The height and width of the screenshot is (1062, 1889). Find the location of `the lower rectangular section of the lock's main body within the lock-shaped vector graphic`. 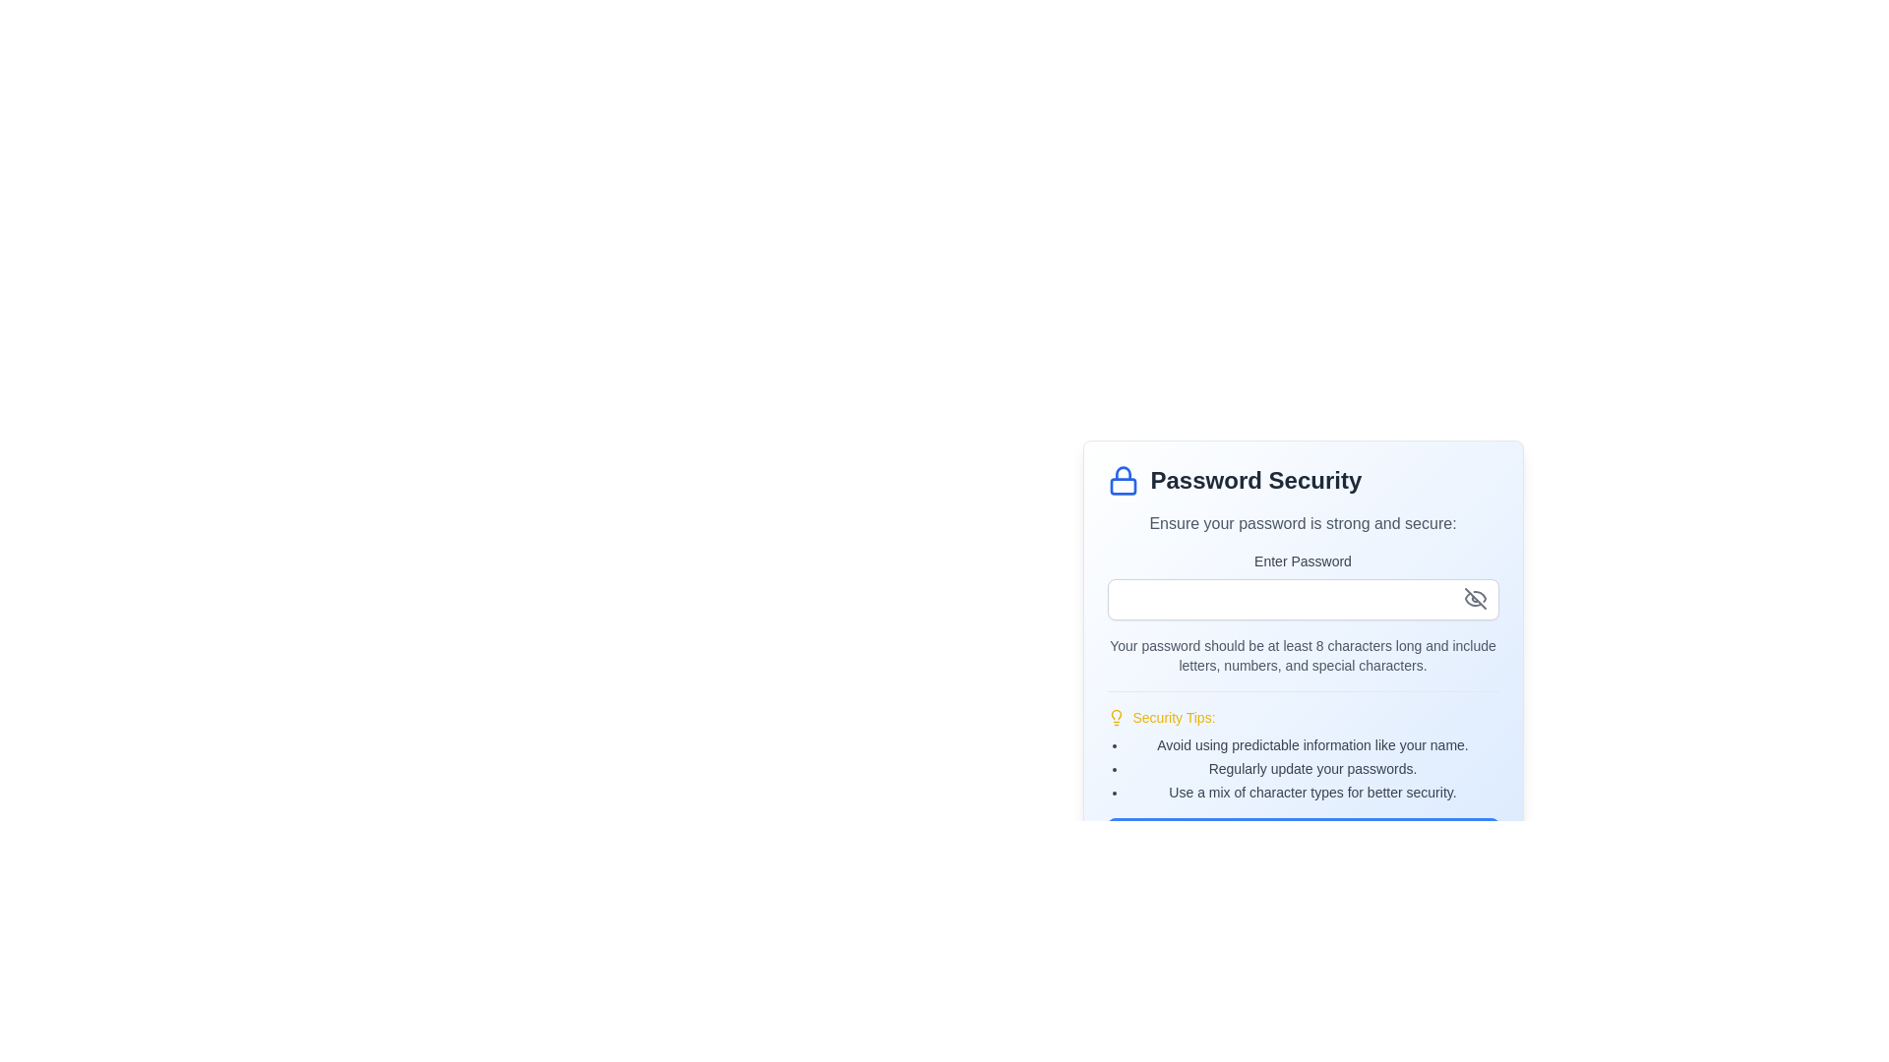

the lower rectangular section of the lock's main body within the lock-shaped vector graphic is located at coordinates (1123, 486).